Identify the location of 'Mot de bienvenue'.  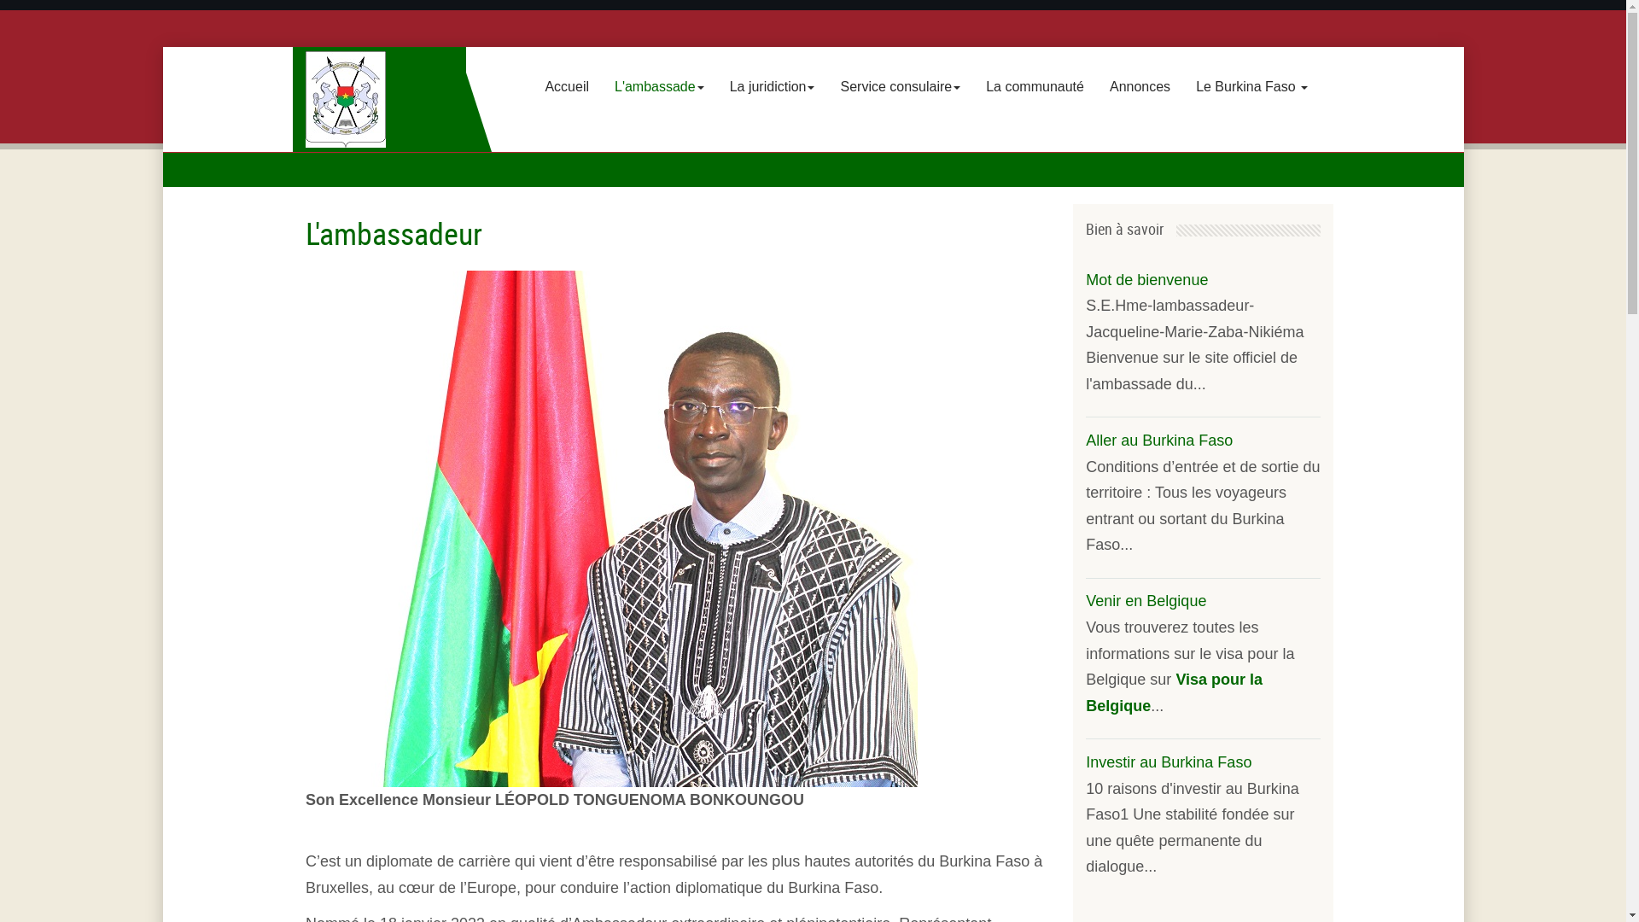
(1146, 278).